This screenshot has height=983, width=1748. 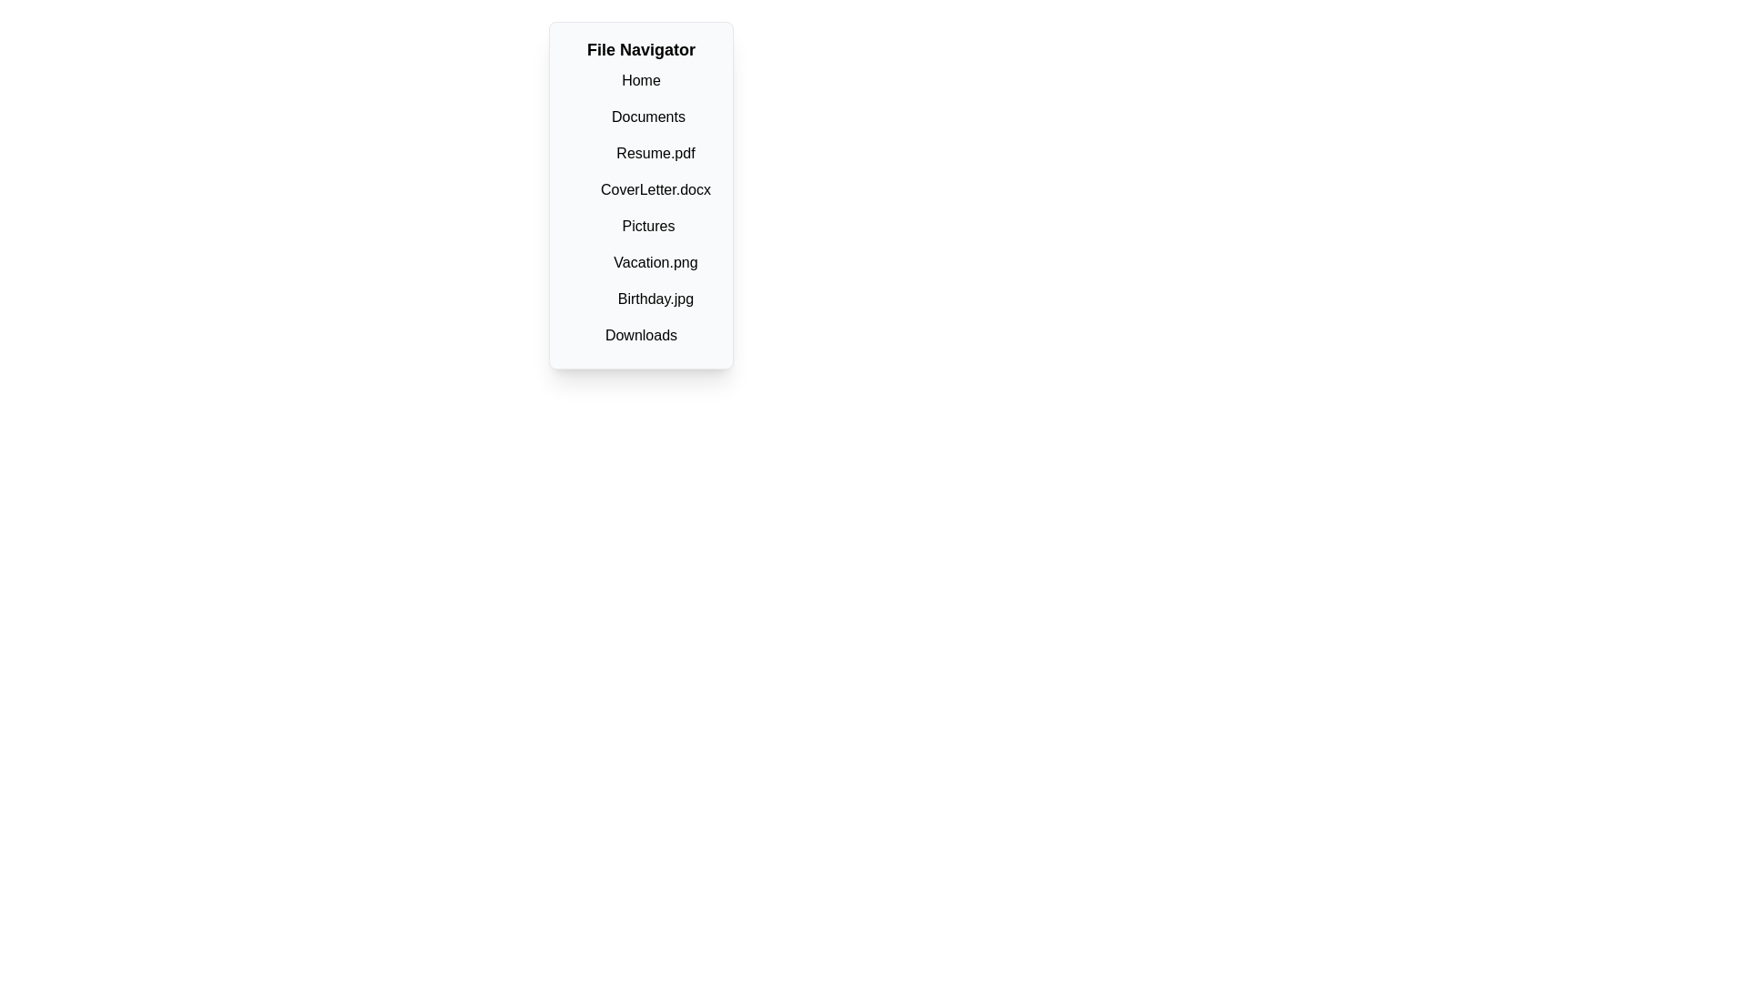 I want to click on the label displaying 'Resume.pdf', which is the second item under the 'Documents' header in the 'File Navigator' section, so click(x=648, y=153).